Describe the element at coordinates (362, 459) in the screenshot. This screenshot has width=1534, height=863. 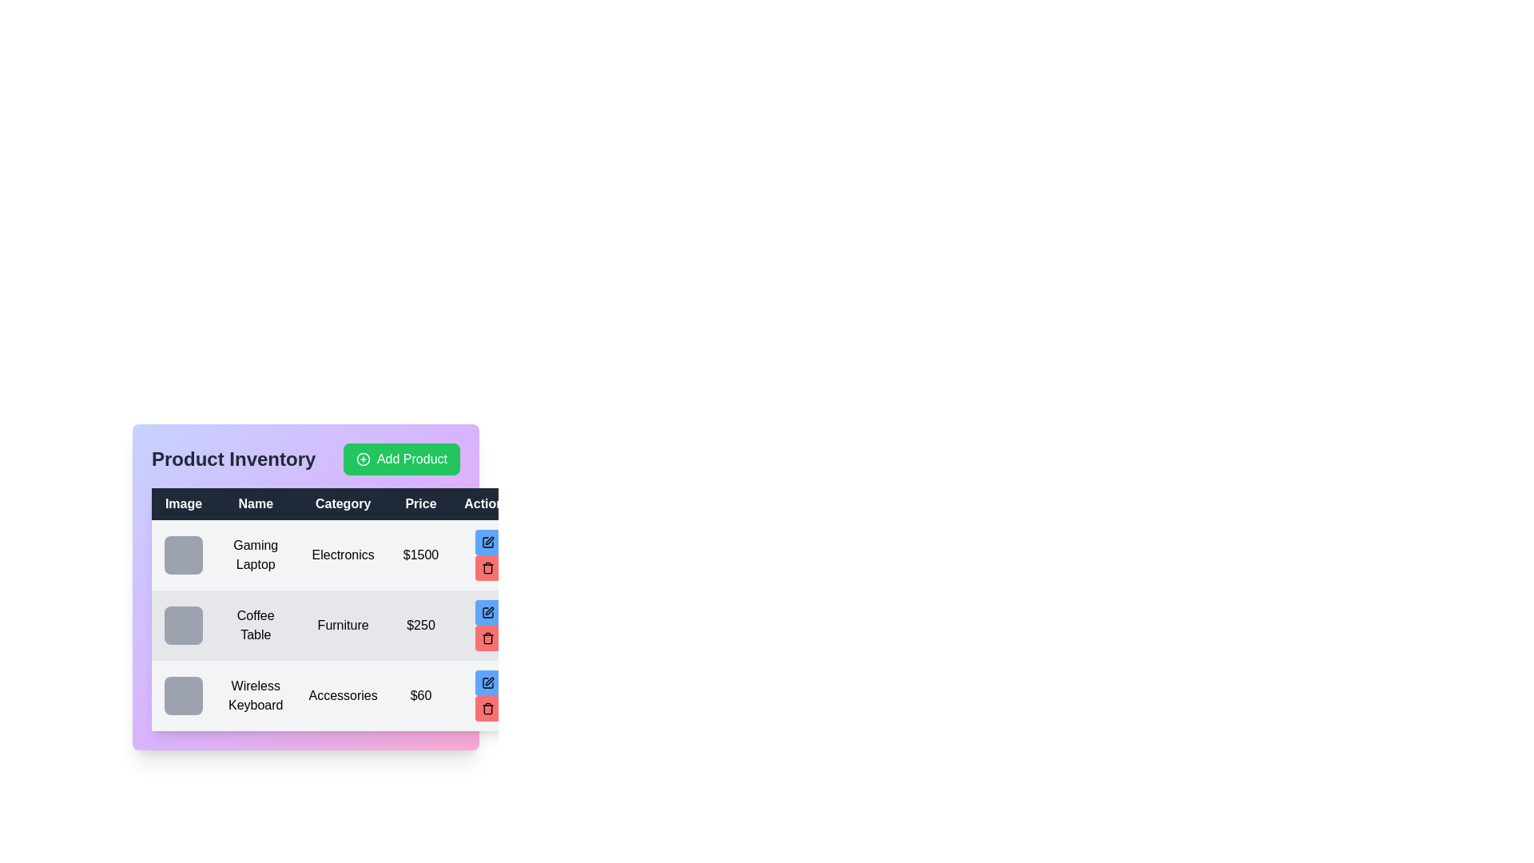
I see `the circular green icon with a cross in the center, which is part of the 'Add Product' button located at the top-right section of the interface above the 'Product Inventory' table` at that location.